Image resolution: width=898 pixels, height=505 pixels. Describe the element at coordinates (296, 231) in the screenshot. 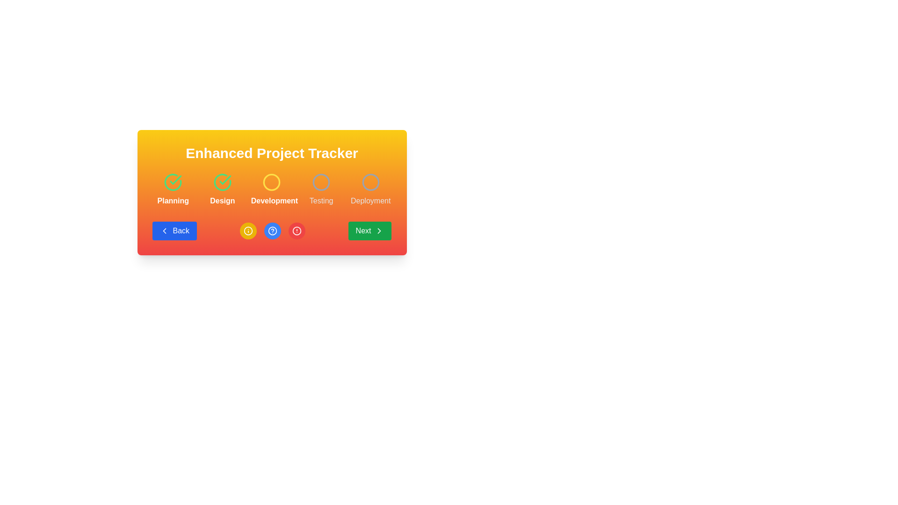

I see `the rightmost button in the horizontal row below the text and progression indicators of the Enhanced Project Tracker dialog box` at that location.